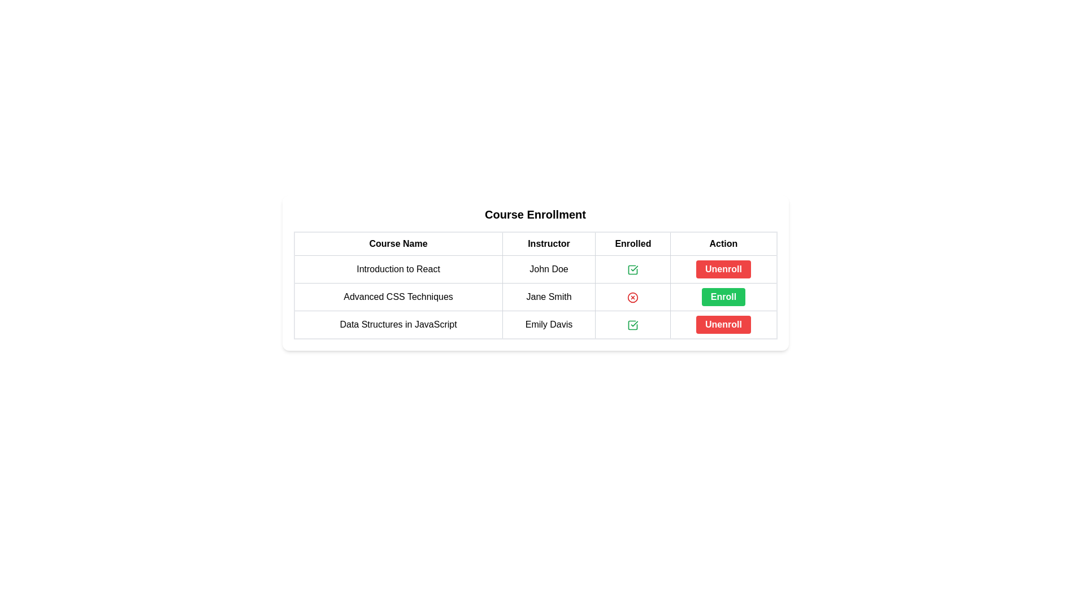  I want to click on the text label 'John Doe' located under the 'Instructor' column in the enrollment interface, which is styled with a border and padding and is centrally aligned, so click(549, 269).